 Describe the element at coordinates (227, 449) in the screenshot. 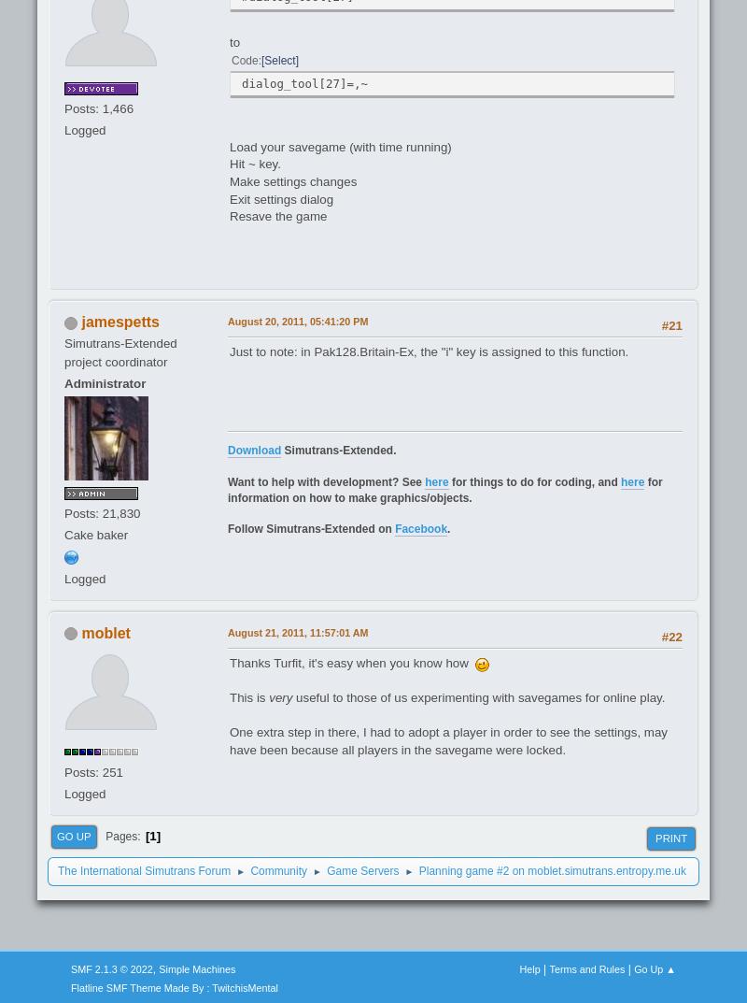

I see `'Download'` at that location.